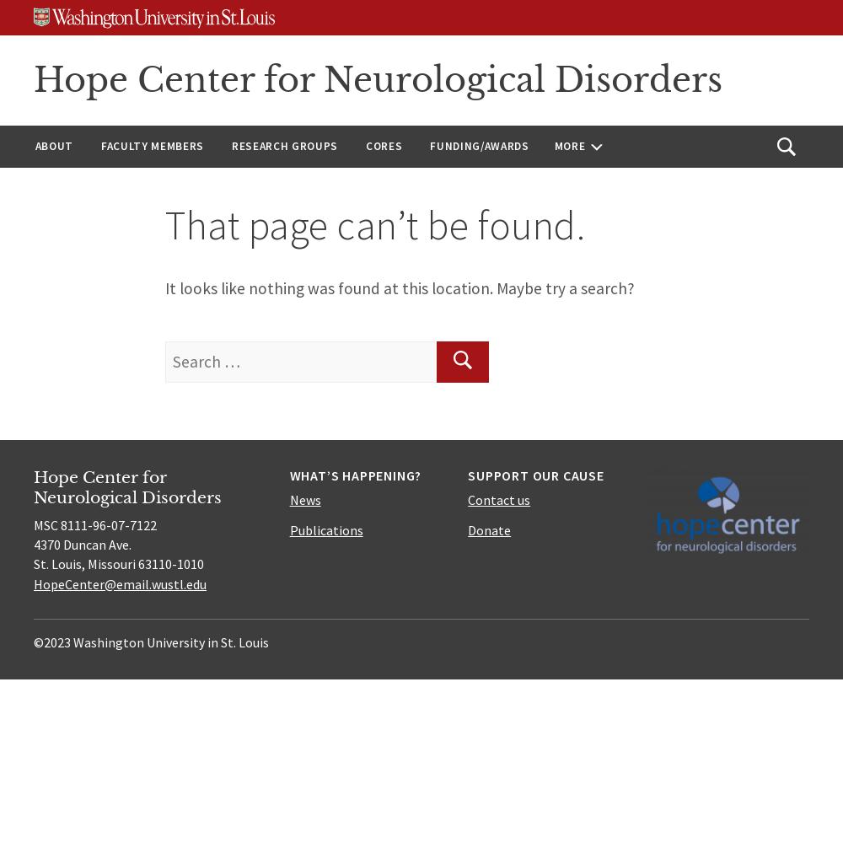 The image size is (843, 843). Describe the element at coordinates (374, 225) in the screenshot. I see `'That page can’t be found.'` at that location.